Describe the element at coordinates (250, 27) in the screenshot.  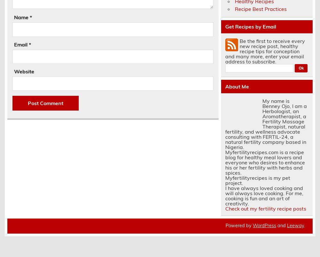
I see `'Get Recipes by Email'` at that location.